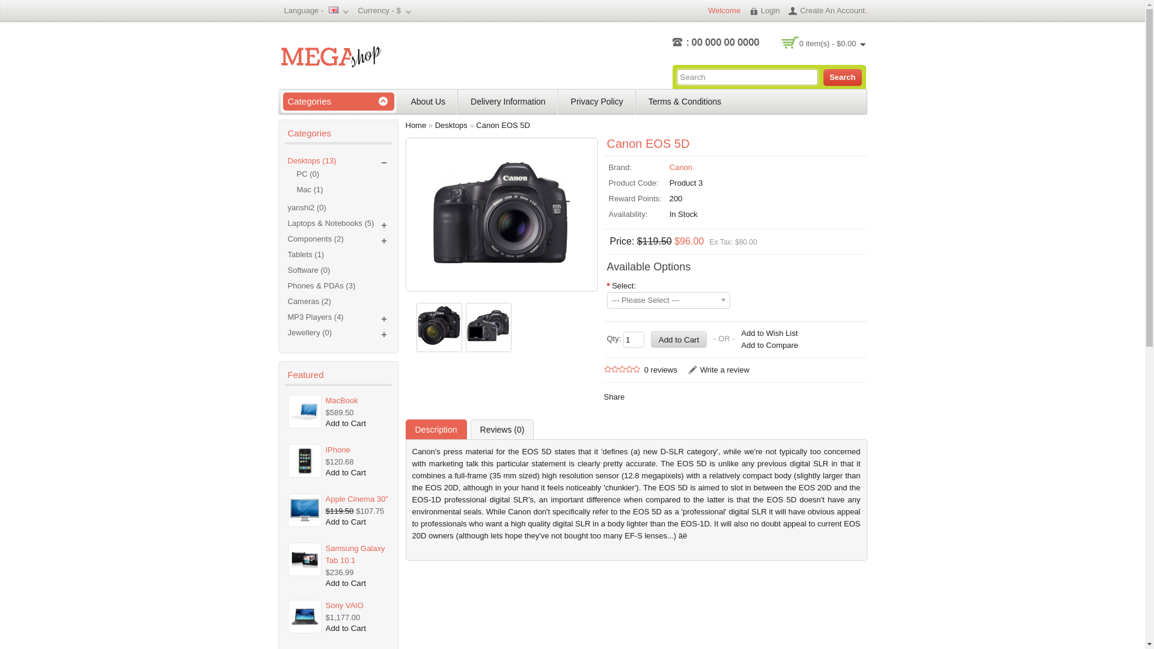 This screenshot has height=649, width=1154. Describe the element at coordinates (306, 207) in the screenshot. I see `'yanshi2 (0)'` at that location.